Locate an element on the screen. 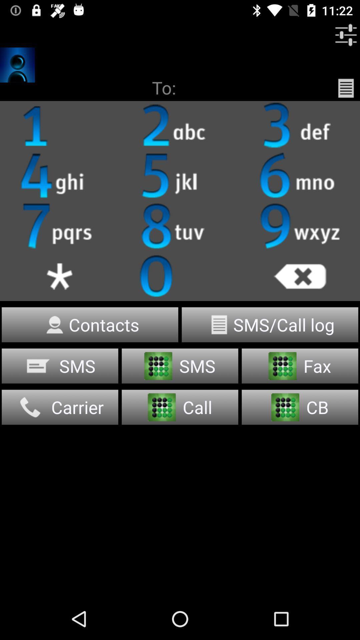  the button which is right to the carrier button is located at coordinates (180, 407).